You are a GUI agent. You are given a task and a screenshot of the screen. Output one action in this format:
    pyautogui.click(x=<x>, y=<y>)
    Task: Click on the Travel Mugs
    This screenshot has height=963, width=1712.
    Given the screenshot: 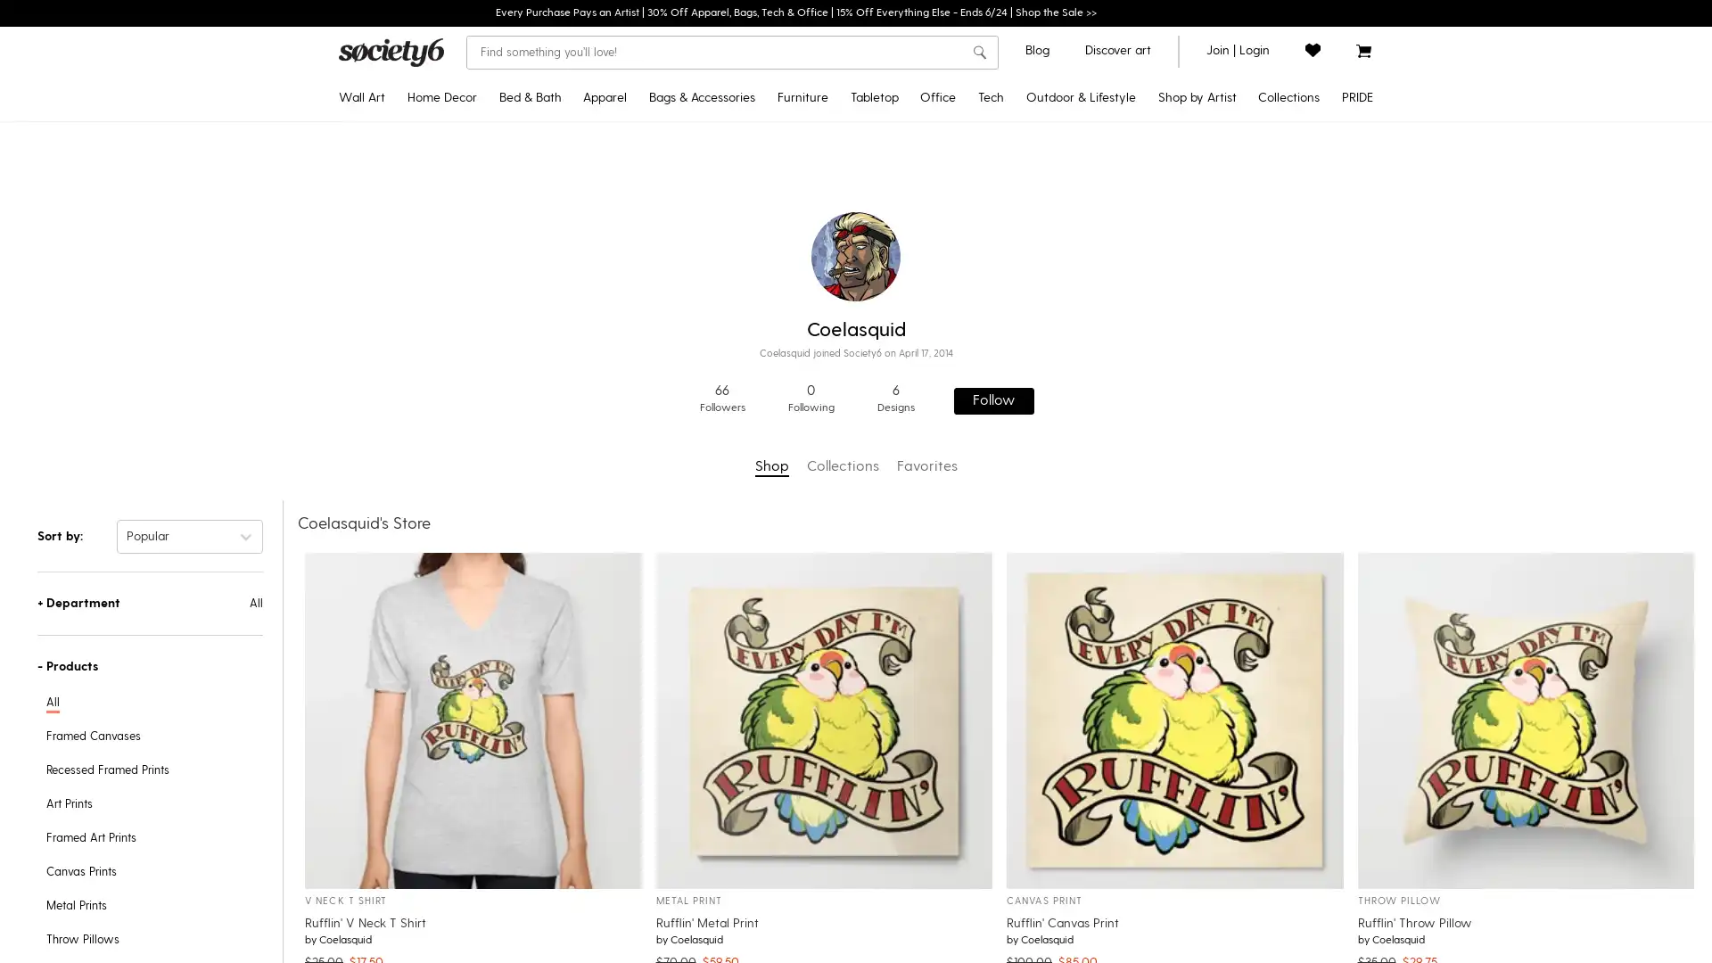 What is the action you would take?
    pyautogui.click(x=907, y=171)
    